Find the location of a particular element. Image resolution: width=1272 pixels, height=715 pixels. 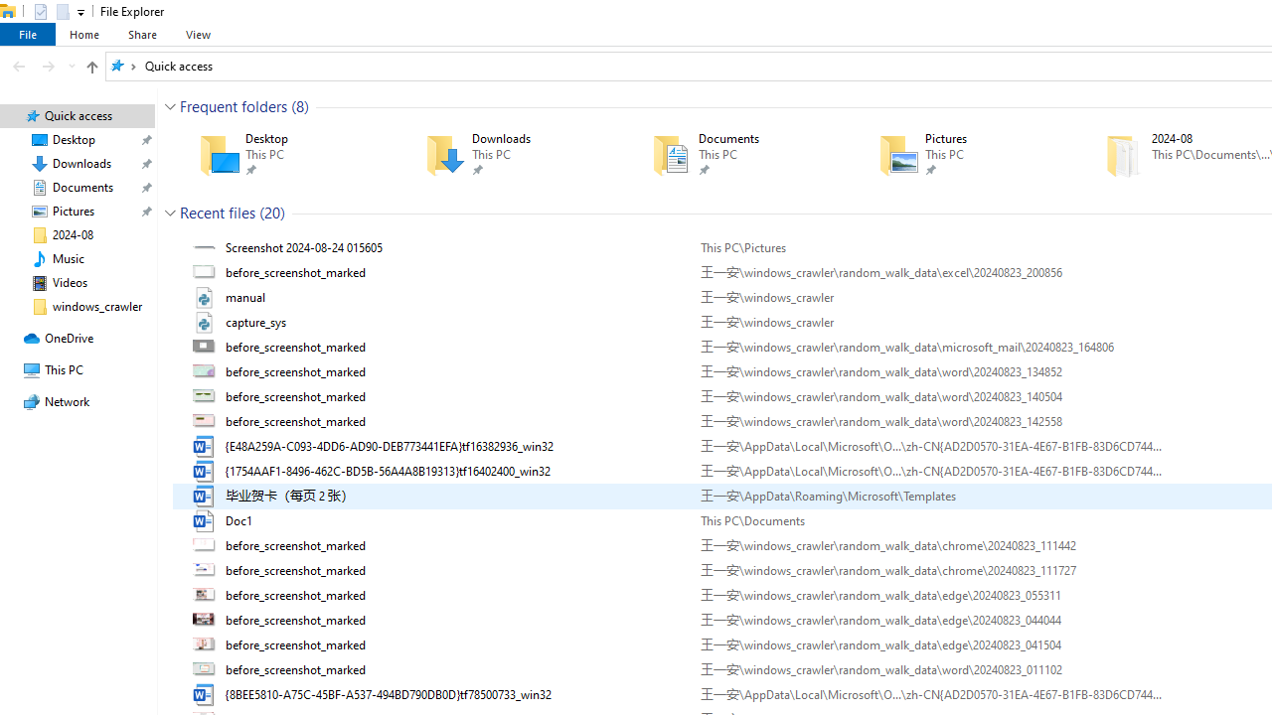

'Name' is located at coordinates (454, 693).